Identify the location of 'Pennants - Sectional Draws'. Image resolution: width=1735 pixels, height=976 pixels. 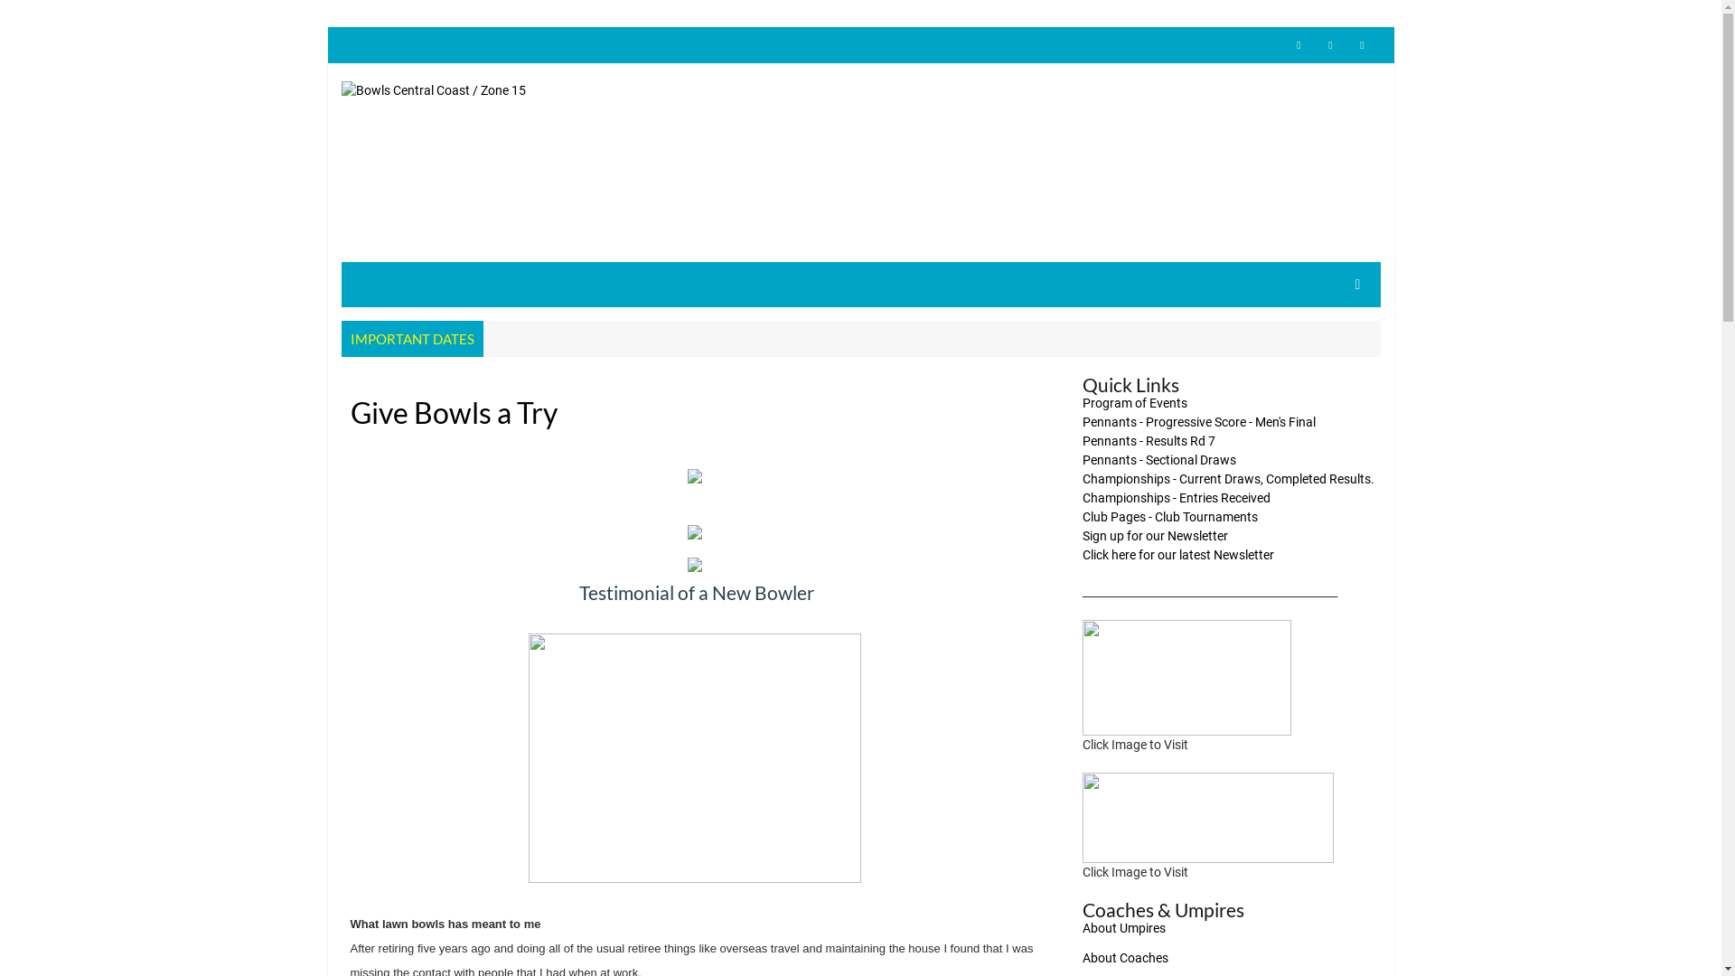
(1158, 459).